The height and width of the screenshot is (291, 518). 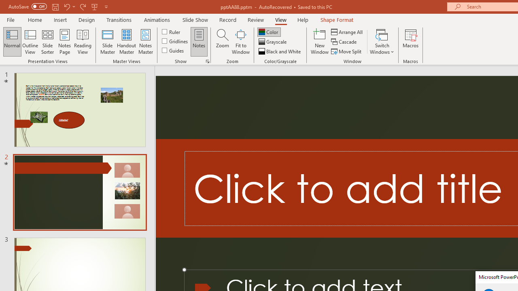 I want to click on 'Grayscale', so click(x=273, y=42).